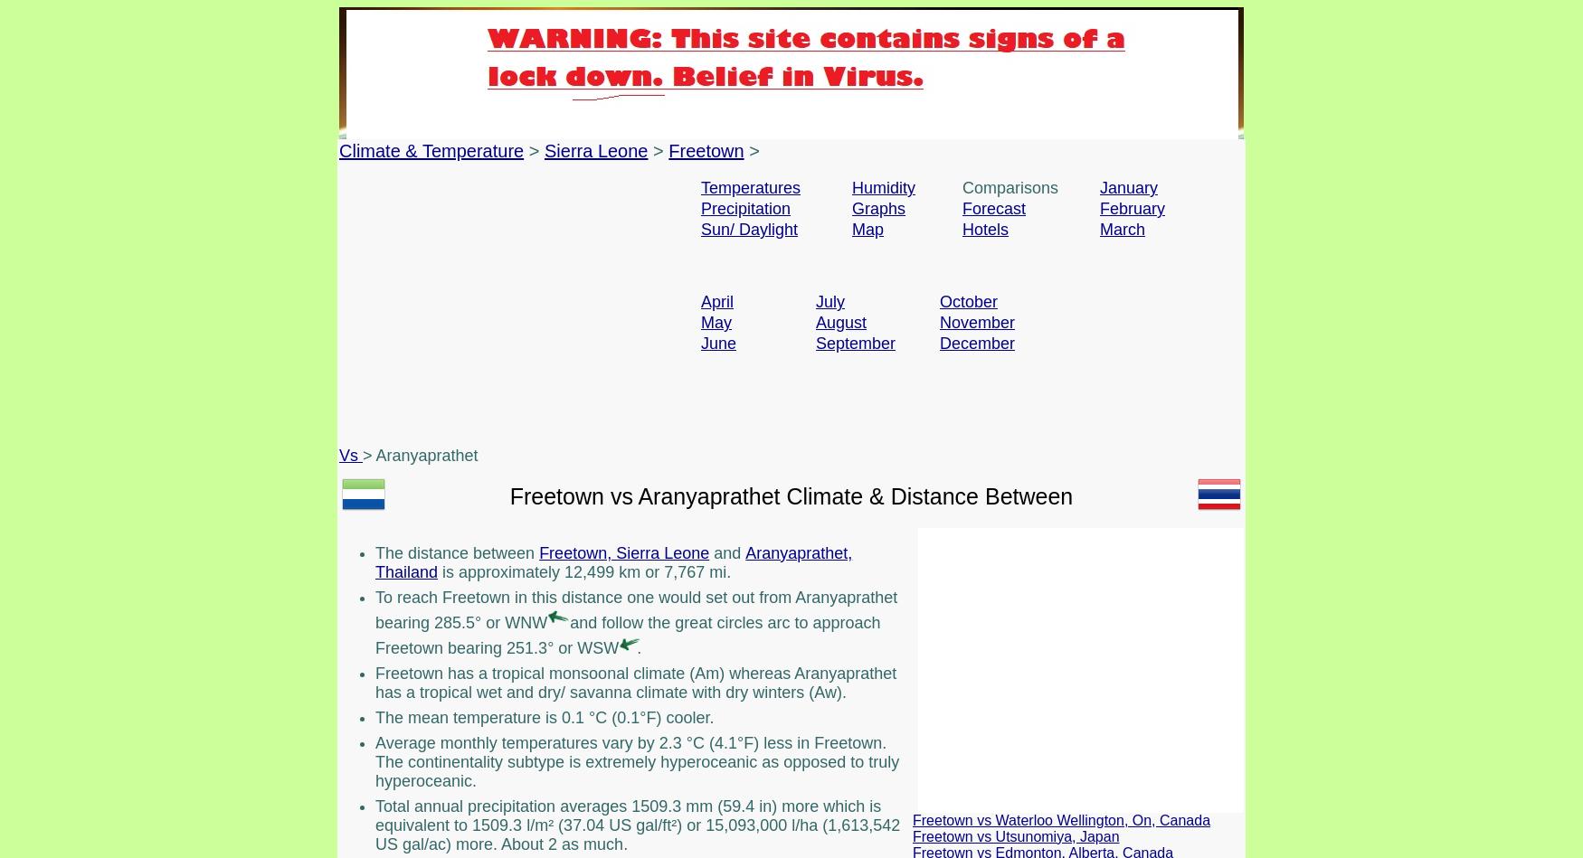 The image size is (1583, 858). Describe the element at coordinates (1128, 187) in the screenshot. I see `'January'` at that location.